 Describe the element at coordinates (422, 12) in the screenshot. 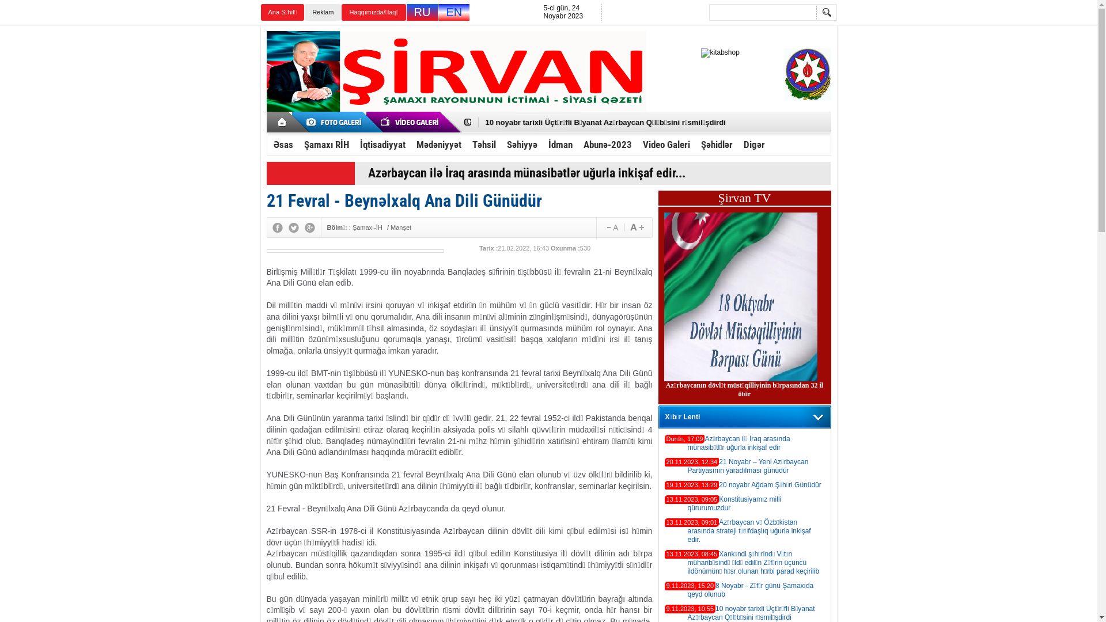

I see `'RU'` at that location.